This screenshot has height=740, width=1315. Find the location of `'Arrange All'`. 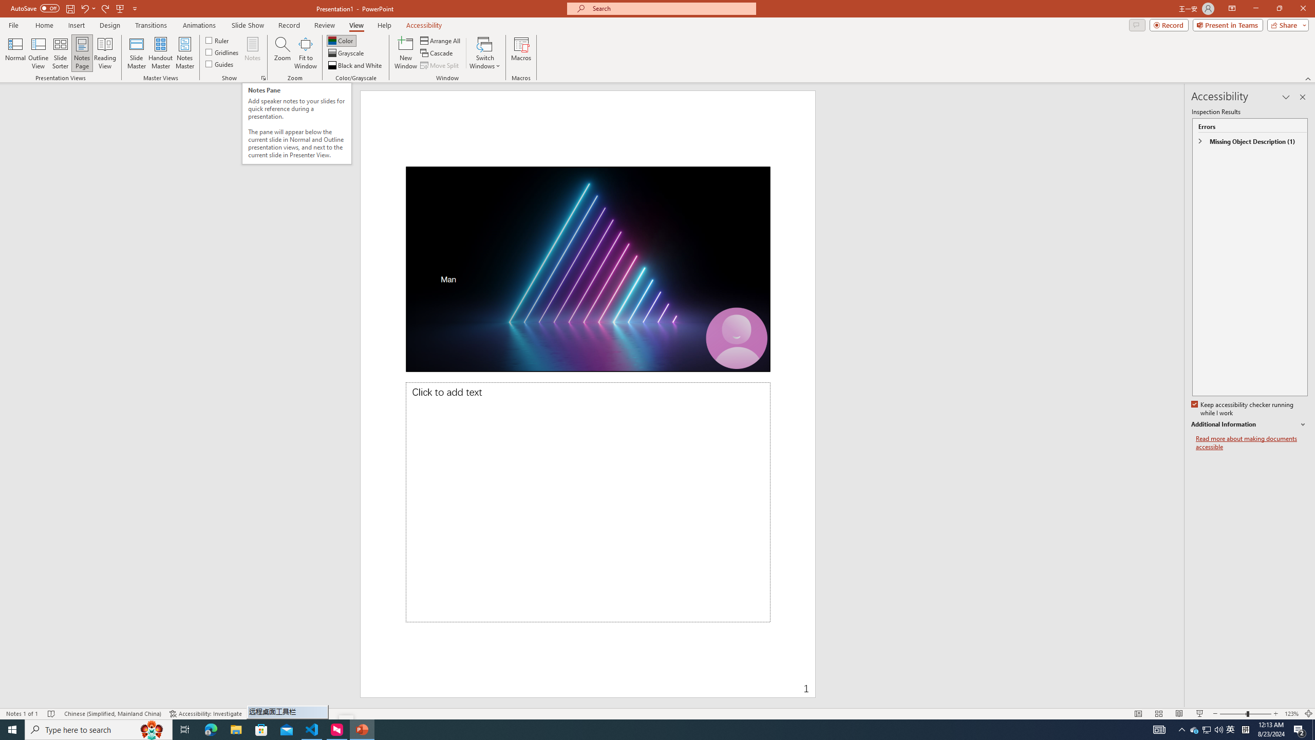

'Arrange All' is located at coordinates (440, 40).